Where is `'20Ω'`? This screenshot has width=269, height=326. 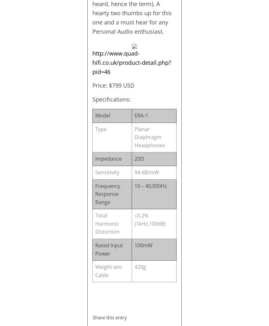
'20Ω' is located at coordinates (139, 159).